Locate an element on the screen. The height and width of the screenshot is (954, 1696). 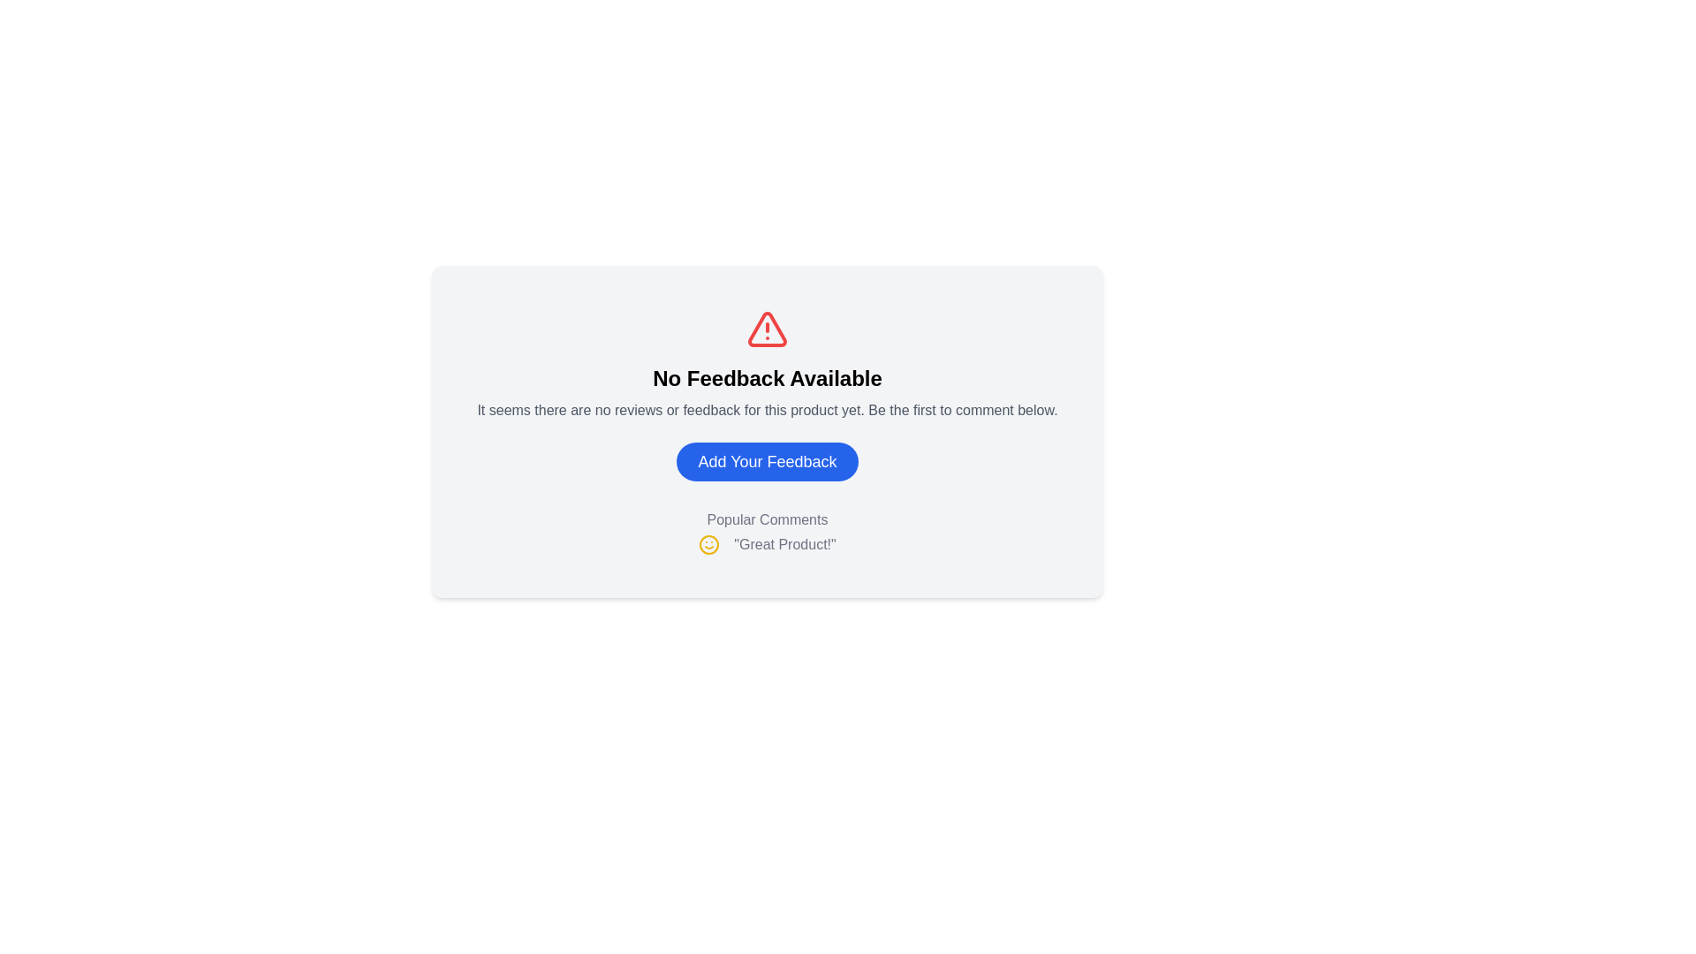
the warning icon located at the top part of the alert message above the 'No Feedback Available' text is located at coordinates (767, 329).